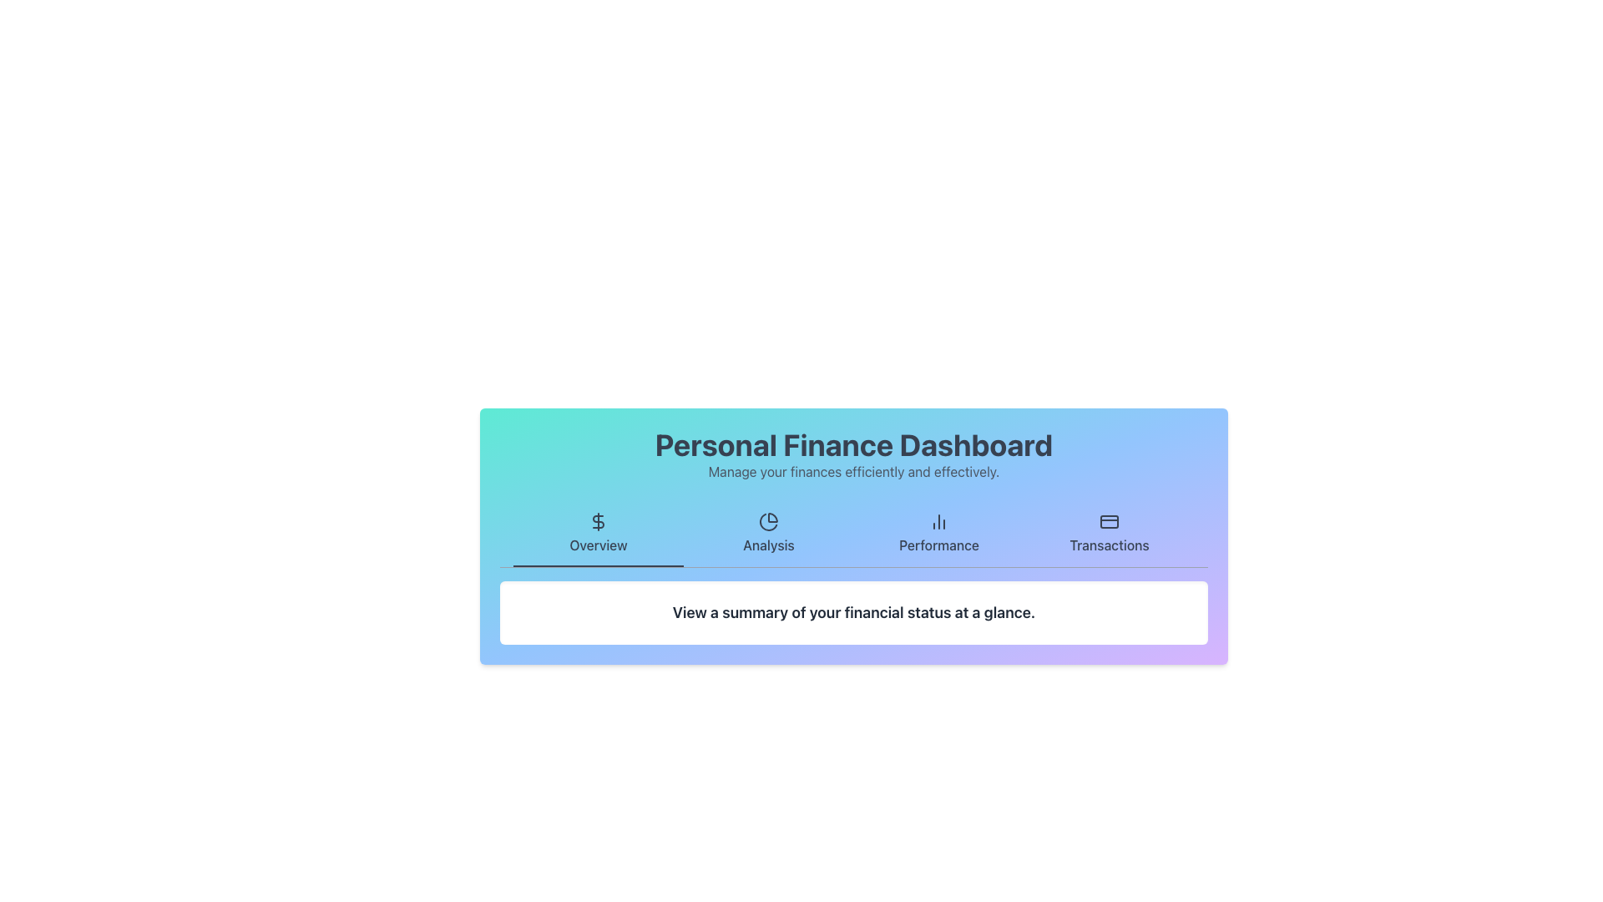  I want to click on the Text Label that provides a summary of the user's financial dashboard, located within a white rectangular card below the 'Personal Finance Dashboard' header, so click(853, 612).